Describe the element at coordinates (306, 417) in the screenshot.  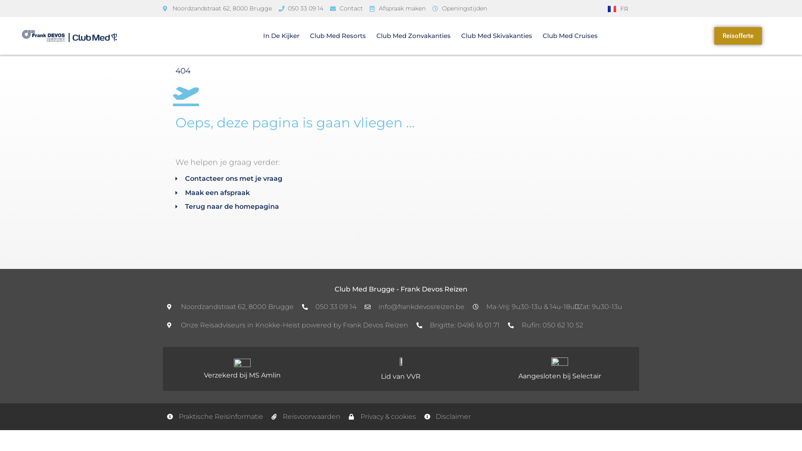
I see `'Reisvoorwaarden'` at that location.